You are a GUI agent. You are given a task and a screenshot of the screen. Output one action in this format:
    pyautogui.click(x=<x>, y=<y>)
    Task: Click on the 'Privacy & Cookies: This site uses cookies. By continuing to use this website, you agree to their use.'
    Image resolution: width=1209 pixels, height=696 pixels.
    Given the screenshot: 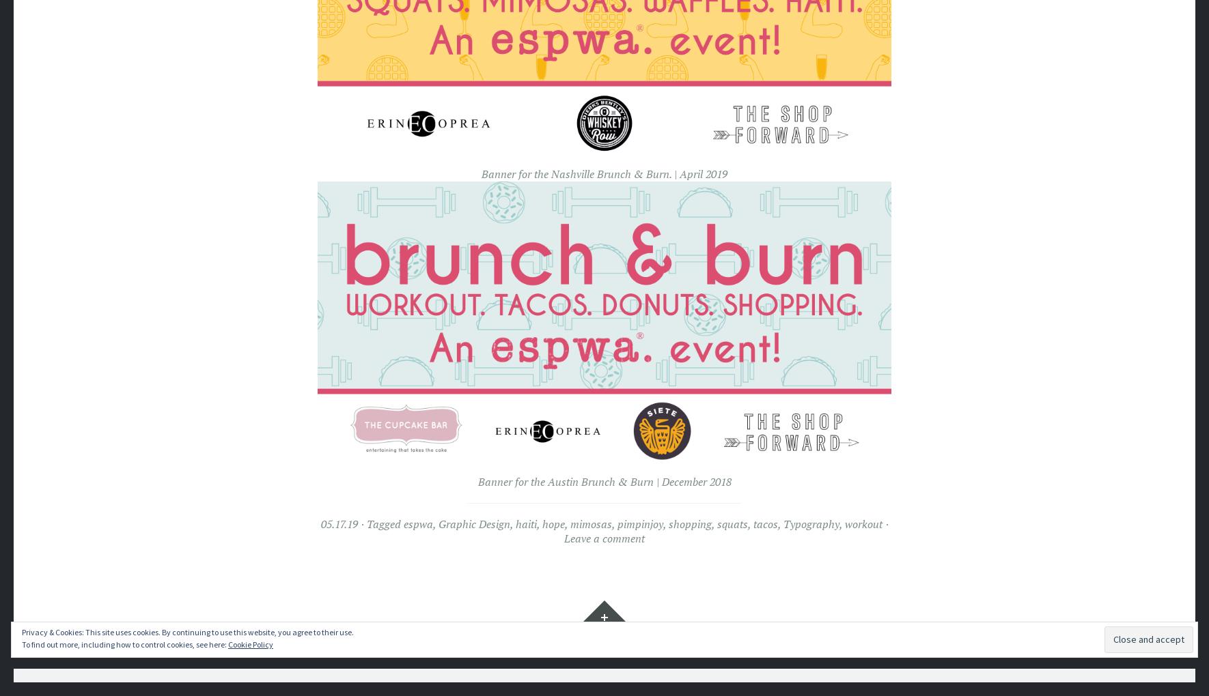 What is the action you would take?
    pyautogui.click(x=188, y=631)
    